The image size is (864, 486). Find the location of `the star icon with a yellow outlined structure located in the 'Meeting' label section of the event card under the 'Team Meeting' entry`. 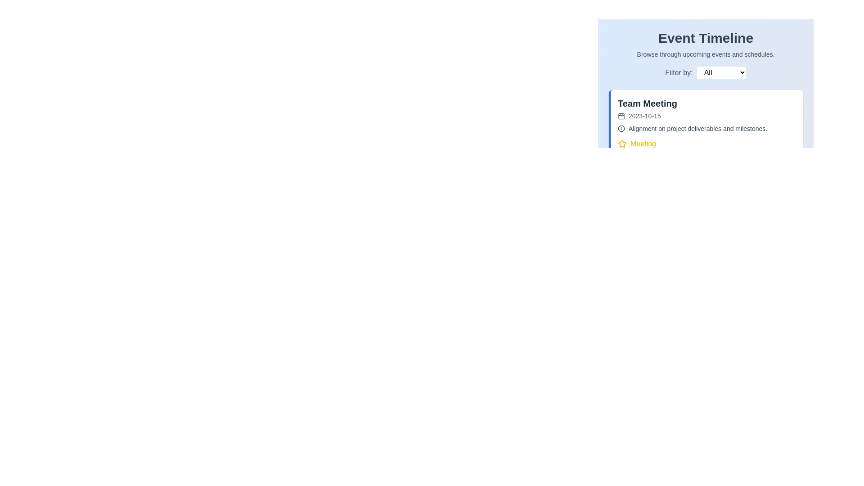

the star icon with a yellow outlined structure located in the 'Meeting' label section of the event card under the 'Team Meeting' entry is located at coordinates (621, 143).